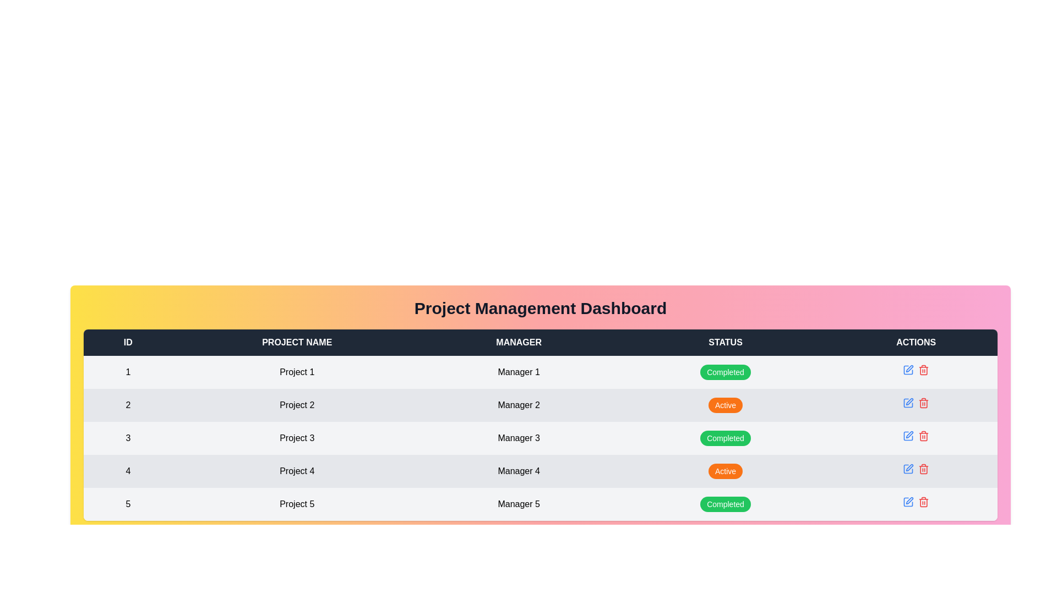 This screenshot has height=594, width=1057. Describe the element at coordinates (916, 436) in the screenshot. I see `the blue edit icon located in the 'Actions' column of the row corresponding to 'Project 3', which is positioned to the right of the 'Completed' status indicator` at that location.